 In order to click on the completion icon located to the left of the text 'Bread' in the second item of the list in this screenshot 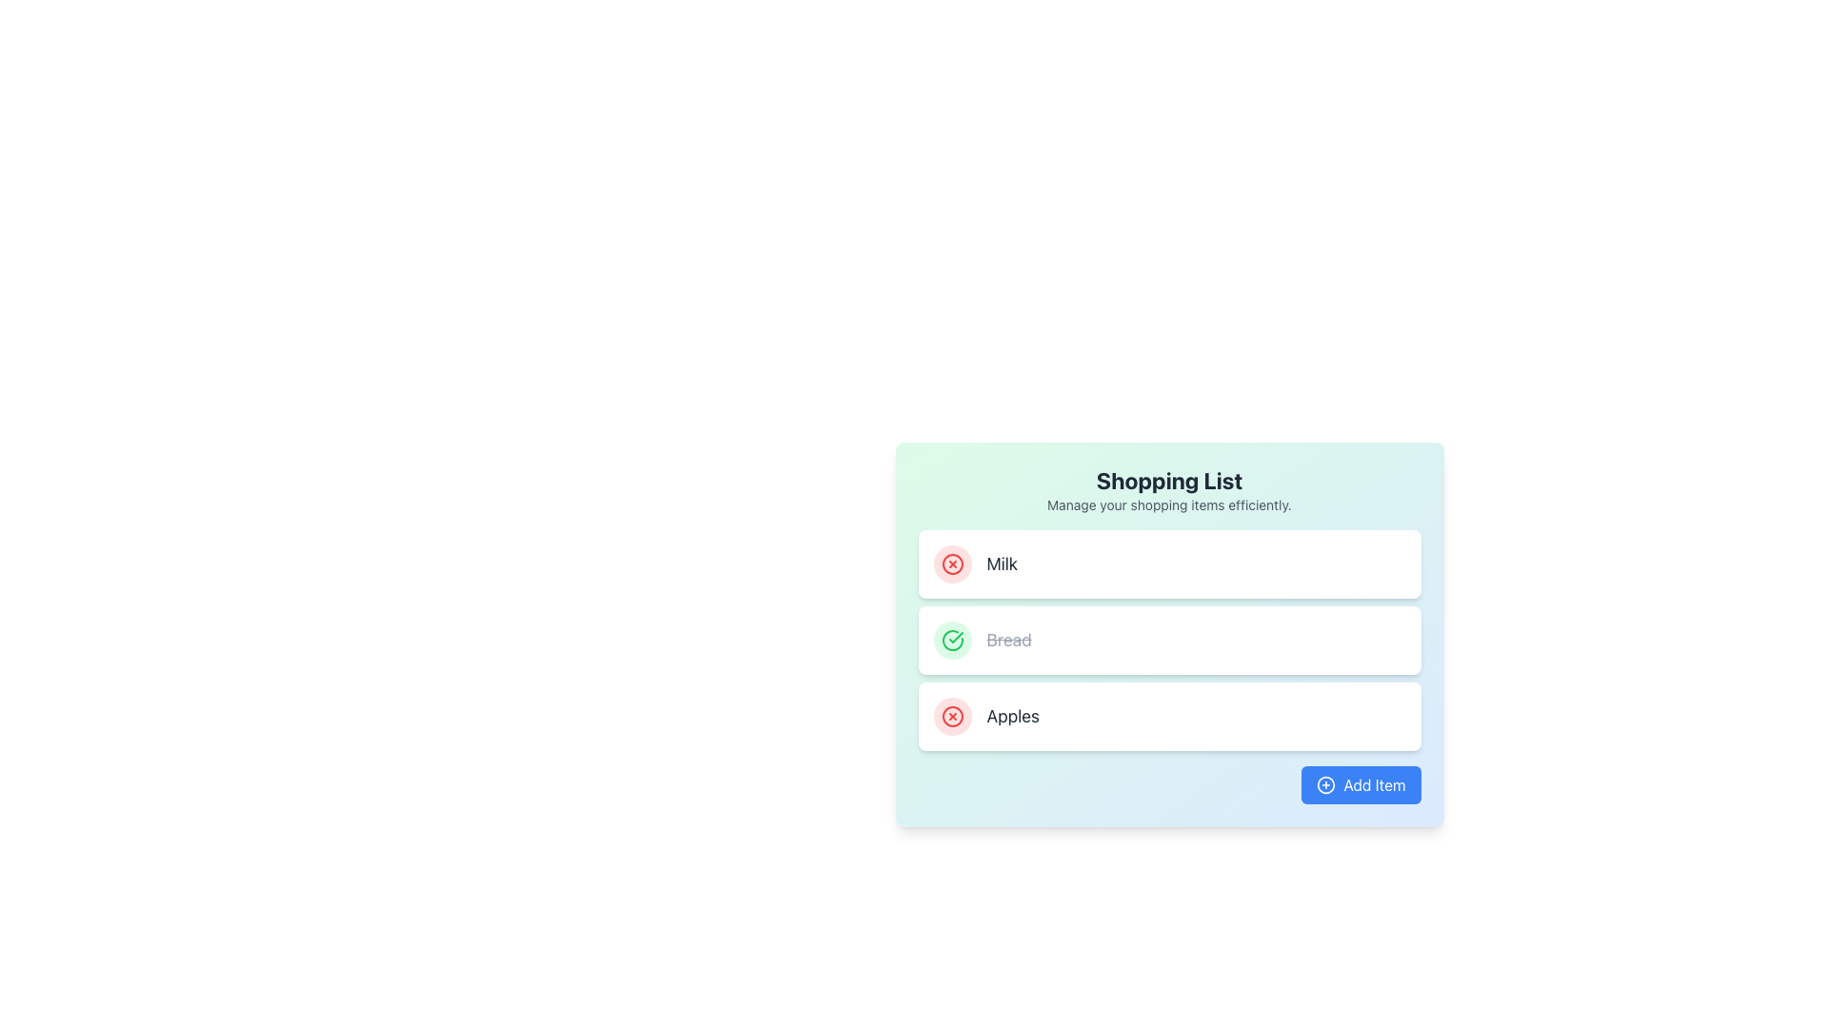, I will do `click(952, 640)`.